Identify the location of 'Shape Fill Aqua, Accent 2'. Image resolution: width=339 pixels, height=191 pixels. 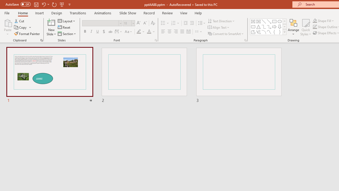
(315, 20).